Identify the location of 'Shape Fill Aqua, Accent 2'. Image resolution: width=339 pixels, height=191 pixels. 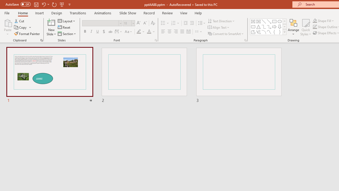
(315, 20).